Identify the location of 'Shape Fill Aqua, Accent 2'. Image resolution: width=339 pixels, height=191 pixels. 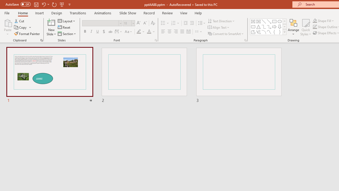
(315, 20).